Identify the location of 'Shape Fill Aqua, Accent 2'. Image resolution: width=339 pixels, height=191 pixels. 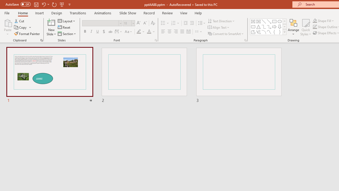
(315, 20).